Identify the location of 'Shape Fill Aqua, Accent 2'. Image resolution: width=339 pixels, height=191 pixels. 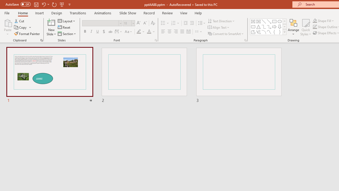
(315, 20).